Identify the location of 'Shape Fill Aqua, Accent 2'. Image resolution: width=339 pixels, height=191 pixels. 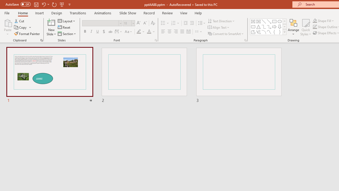
(315, 20).